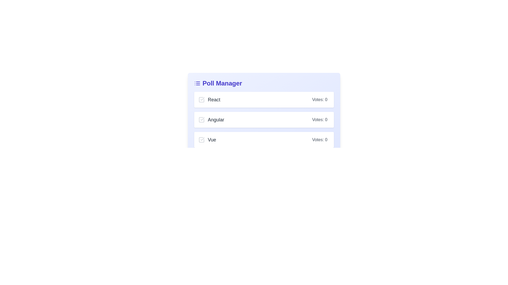 Image resolution: width=508 pixels, height=285 pixels. What do you see at coordinates (319, 100) in the screenshot?
I see `the Text label indicating the current count of votes associated with the 'React' option, located on the right side of the 'React' row in the voting options list` at bounding box center [319, 100].